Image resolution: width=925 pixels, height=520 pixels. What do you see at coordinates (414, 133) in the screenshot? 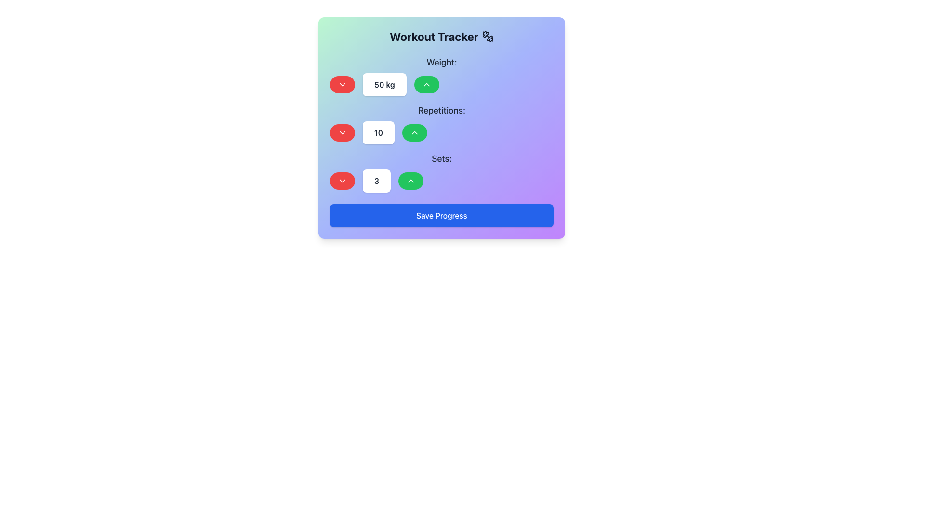
I see `the upward chevron icon within the circular green button located to the right of the 'Weight' label in the 'Workout Tracker' interface` at bounding box center [414, 133].